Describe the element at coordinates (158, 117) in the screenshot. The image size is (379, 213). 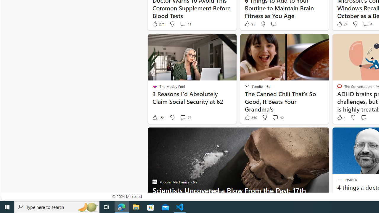
I see `'154 Like'` at that location.